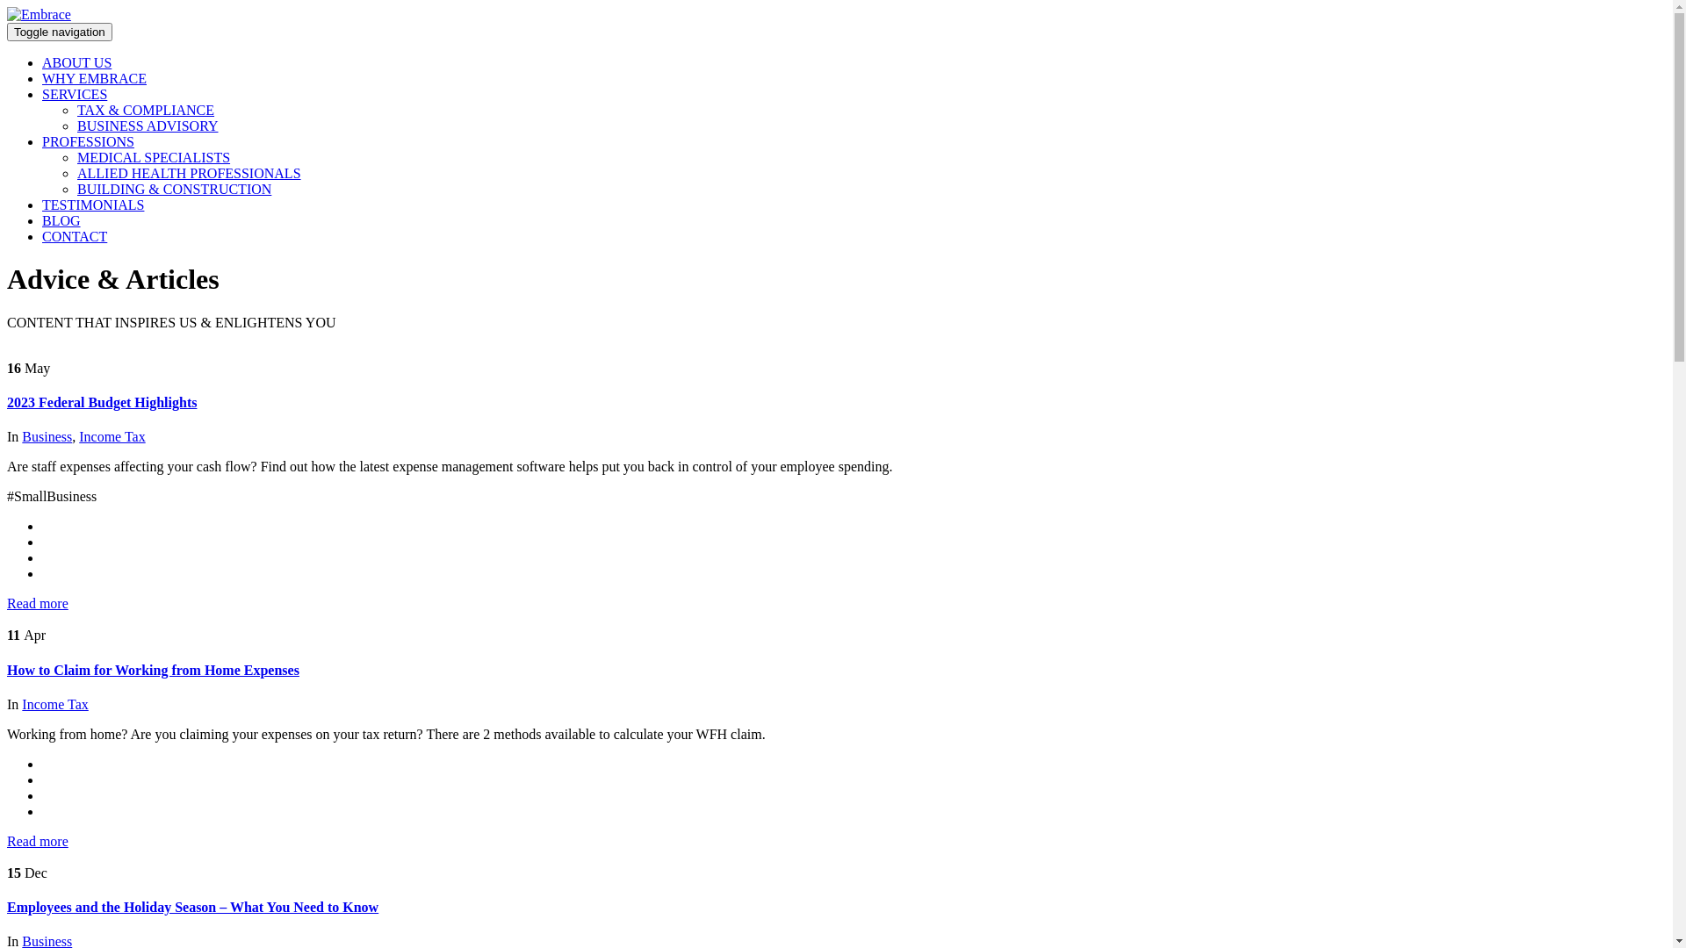  I want to click on 'How to Claim for Working from Home Expenses', so click(153, 670).